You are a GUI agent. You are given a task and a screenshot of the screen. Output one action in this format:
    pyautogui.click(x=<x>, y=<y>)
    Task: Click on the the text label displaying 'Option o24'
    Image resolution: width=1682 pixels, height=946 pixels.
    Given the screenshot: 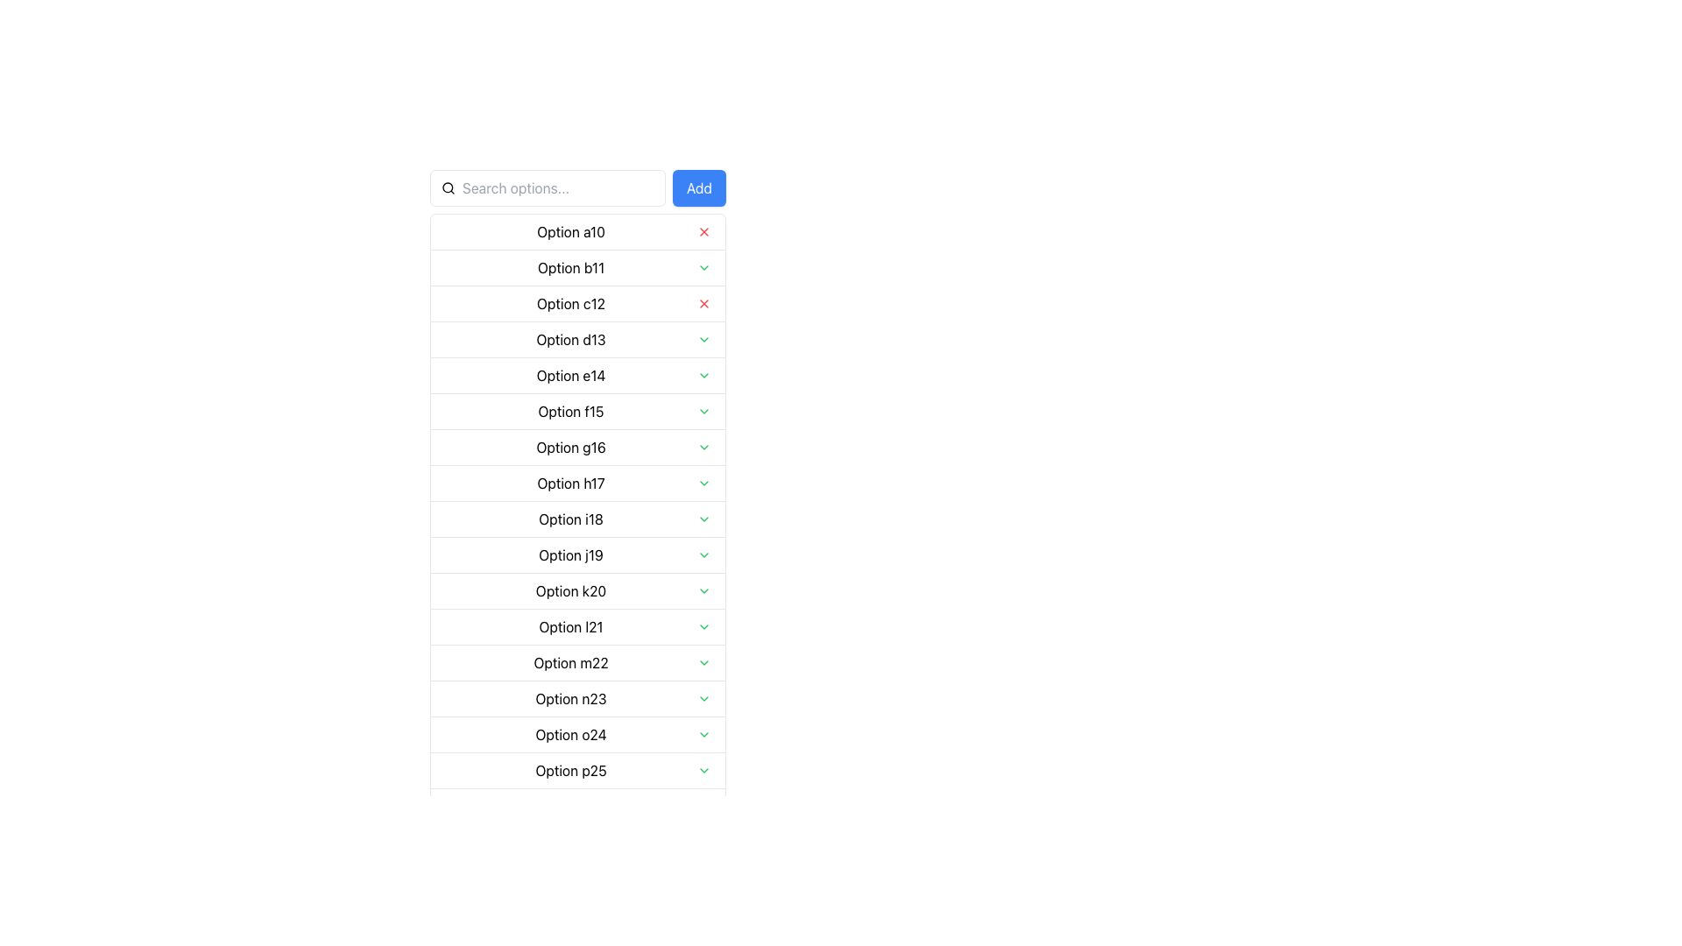 What is the action you would take?
    pyautogui.click(x=571, y=735)
    